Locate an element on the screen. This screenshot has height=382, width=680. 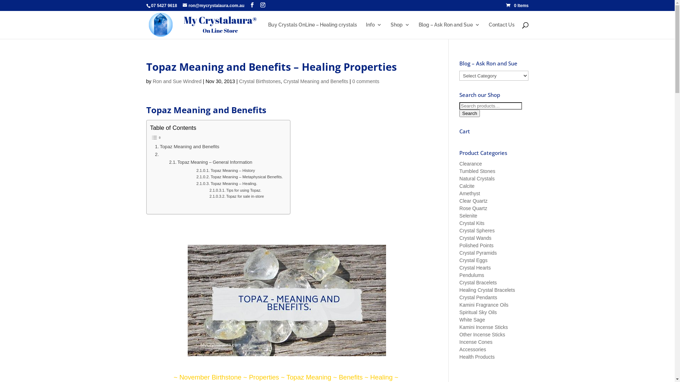
'Rose Quartz' is located at coordinates (459, 208).